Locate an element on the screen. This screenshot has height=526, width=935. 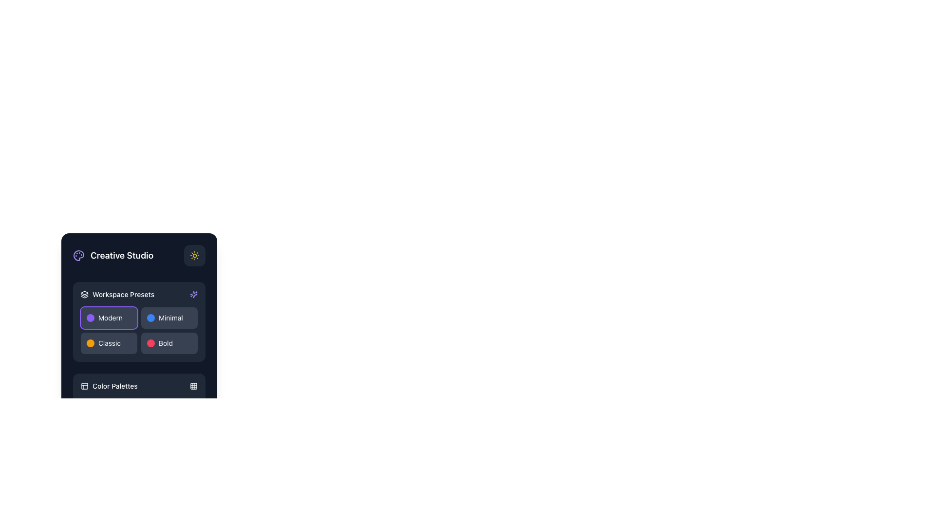
the small, violet circular dot within the 'Modern' card in the 'Workspace Presets' section on the main panel is located at coordinates (91, 318).